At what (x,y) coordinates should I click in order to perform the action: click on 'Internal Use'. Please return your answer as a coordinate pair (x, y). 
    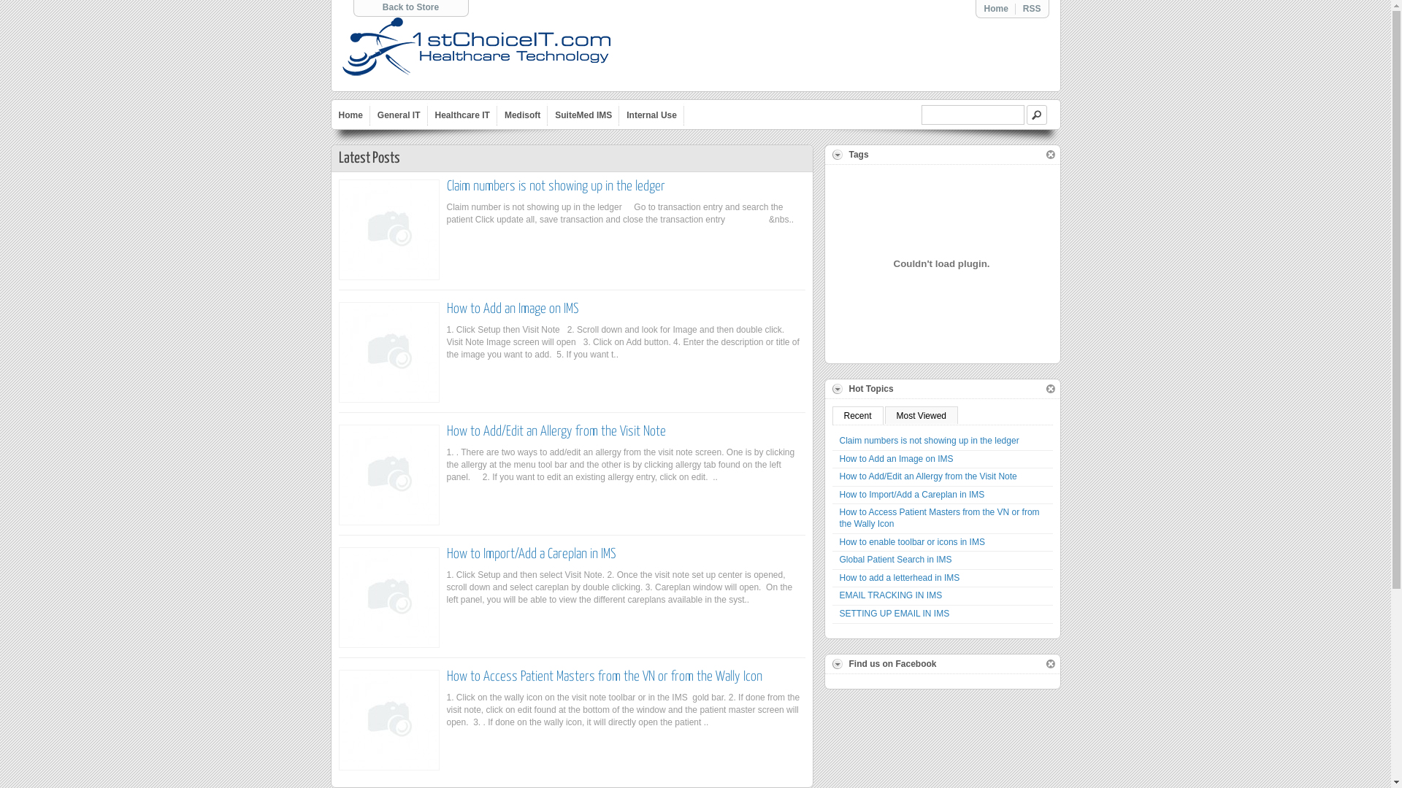
    Looking at the image, I should click on (651, 114).